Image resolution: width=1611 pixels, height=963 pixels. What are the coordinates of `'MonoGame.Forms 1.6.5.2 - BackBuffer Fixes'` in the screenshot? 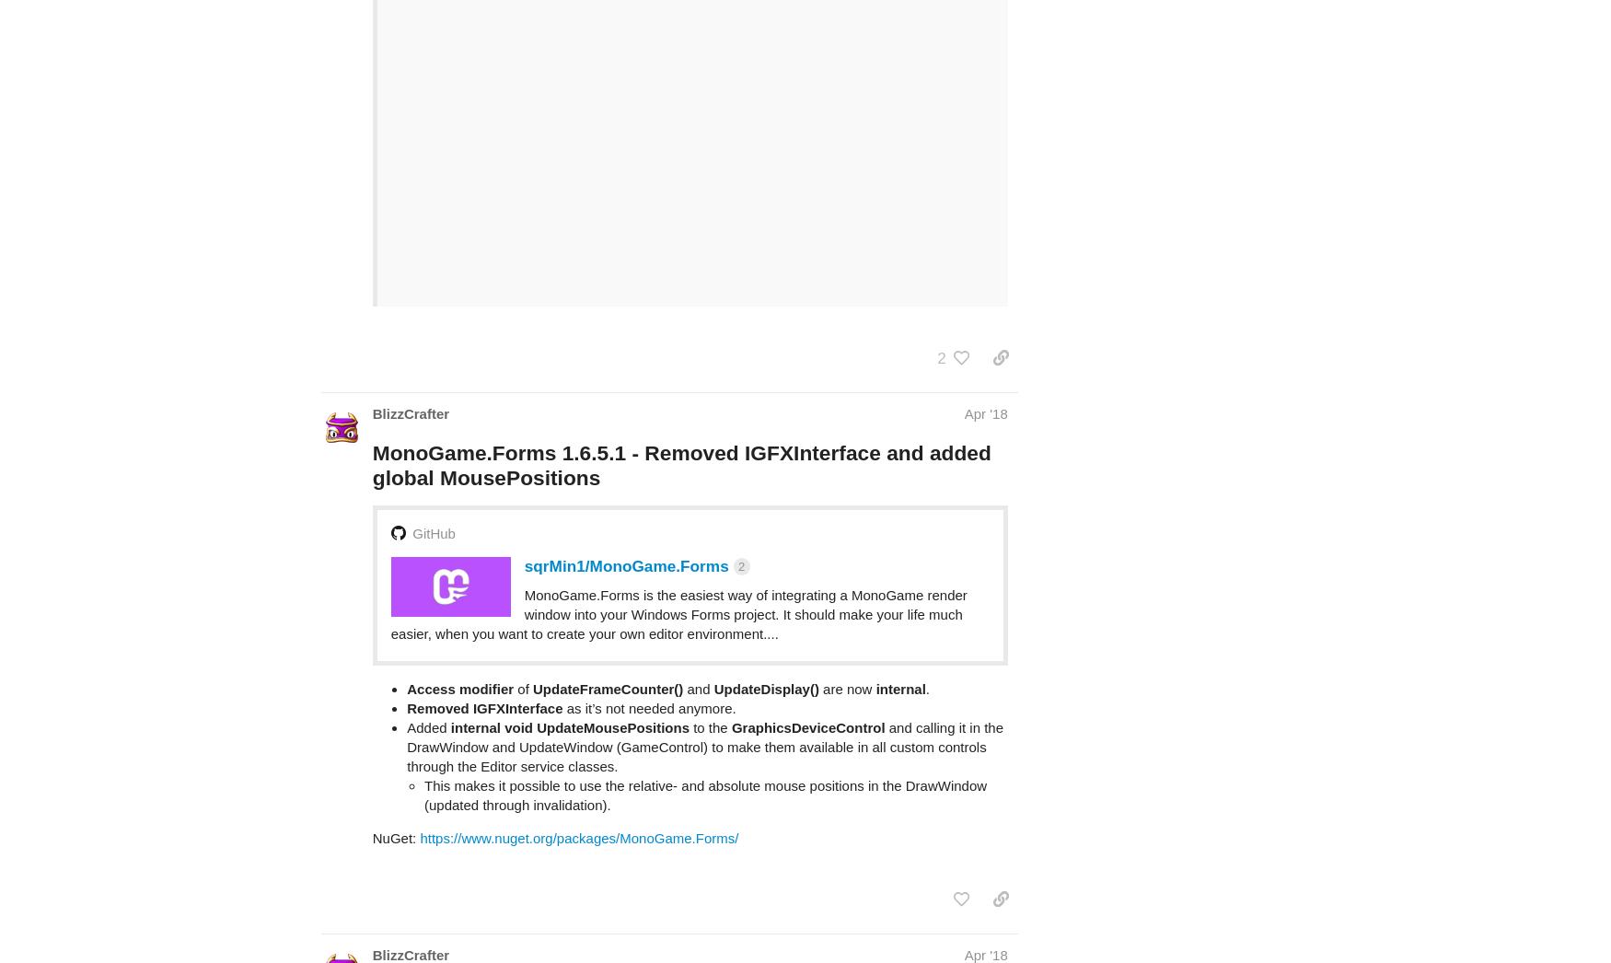 It's located at (593, 922).